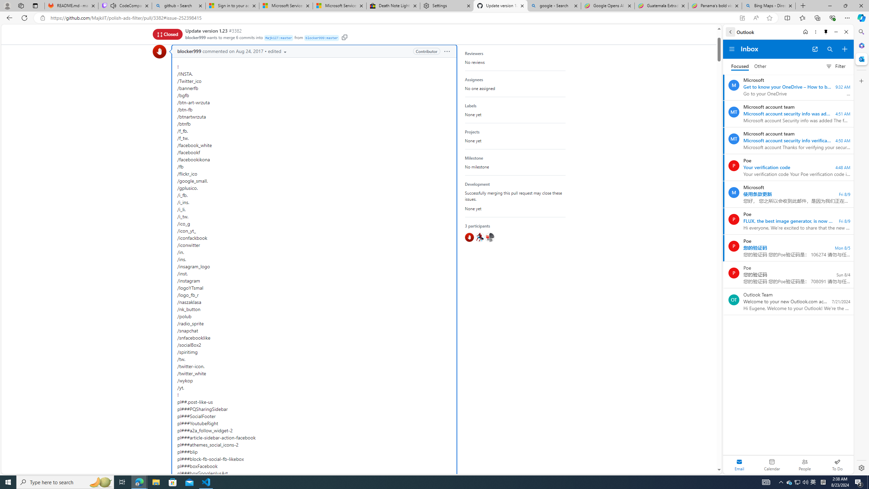 The height and width of the screenshot is (489, 869). Describe the element at coordinates (321, 38) in the screenshot. I see `'blocker999 : master'` at that location.